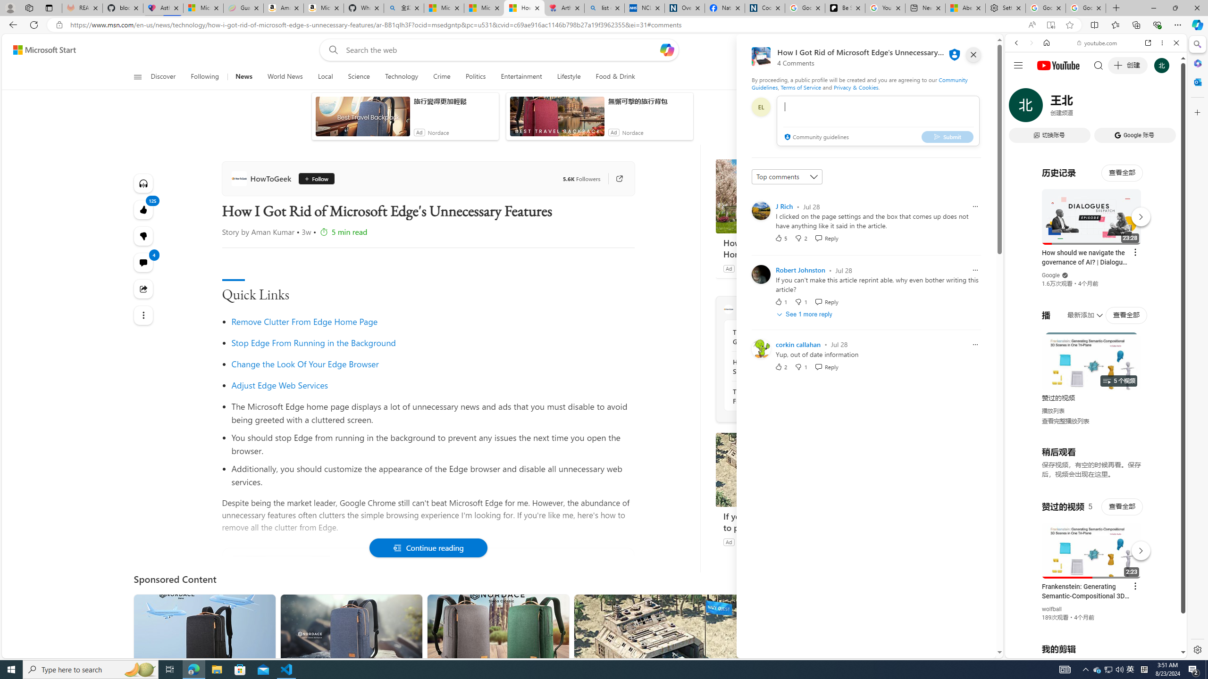 The width and height of the screenshot is (1208, 679). What do you see at coordinates (1020, 108) in the screenshot?
I see `'WEB  '` at bounding box center [1020, 108].